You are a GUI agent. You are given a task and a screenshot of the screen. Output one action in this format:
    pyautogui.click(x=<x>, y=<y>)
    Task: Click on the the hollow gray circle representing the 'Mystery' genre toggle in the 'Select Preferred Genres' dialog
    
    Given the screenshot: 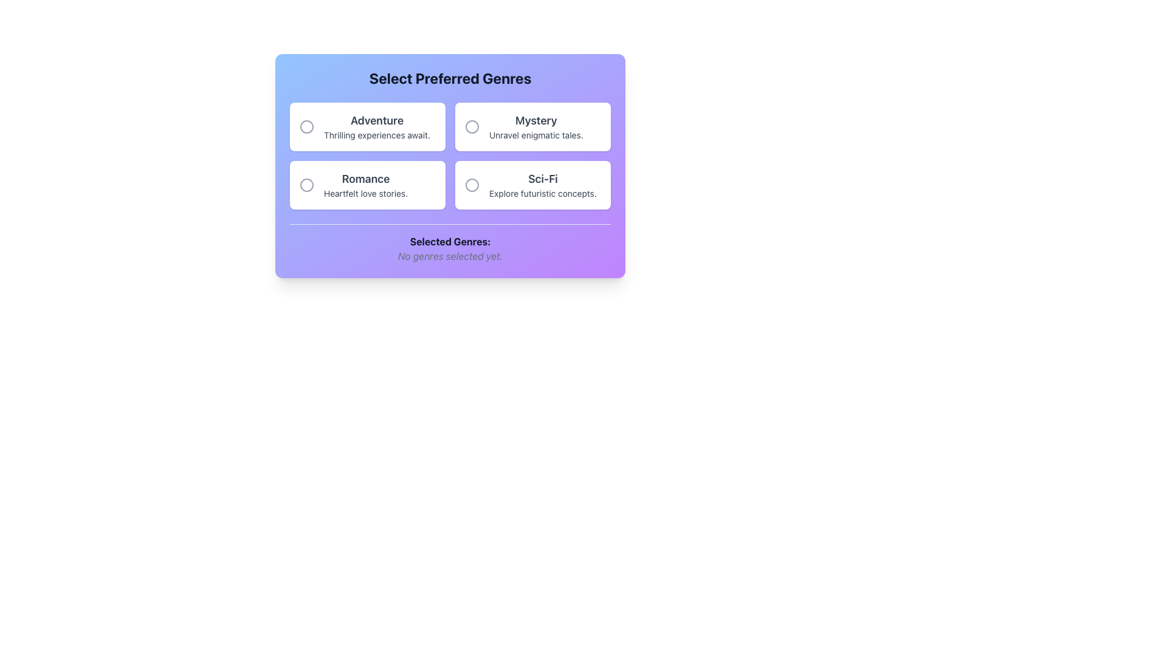 What is the action you would take?
    pyautogui.click(x=472, y=126)
    